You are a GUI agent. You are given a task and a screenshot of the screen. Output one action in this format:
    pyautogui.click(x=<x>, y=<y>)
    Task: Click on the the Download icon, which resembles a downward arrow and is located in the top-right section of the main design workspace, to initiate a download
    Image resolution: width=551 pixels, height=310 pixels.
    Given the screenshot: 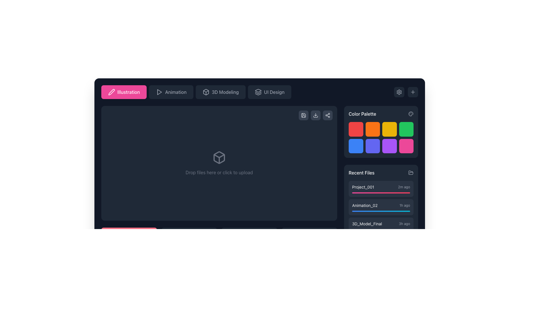 What is the action you would take?
    pyautogui.click(x=315, y=115)
    